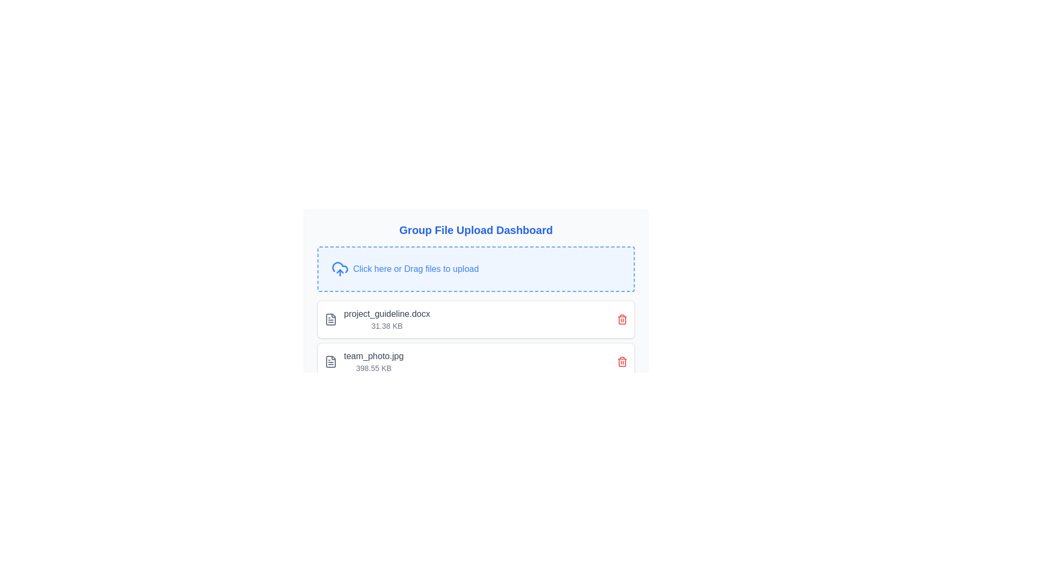  What do you see at coordinates (374, 361) in the screenshot?
I see `the text label displaying 'team_photo.jpg' and '398.55 KB' in the file upload list, which is the second item in the list` at bounding box center [374, 361].